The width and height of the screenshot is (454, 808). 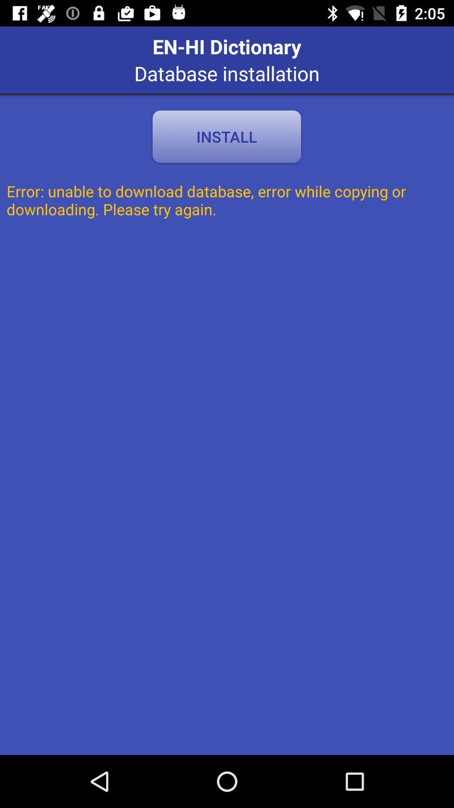 I want to click on install button, so click(x=226, y=136).